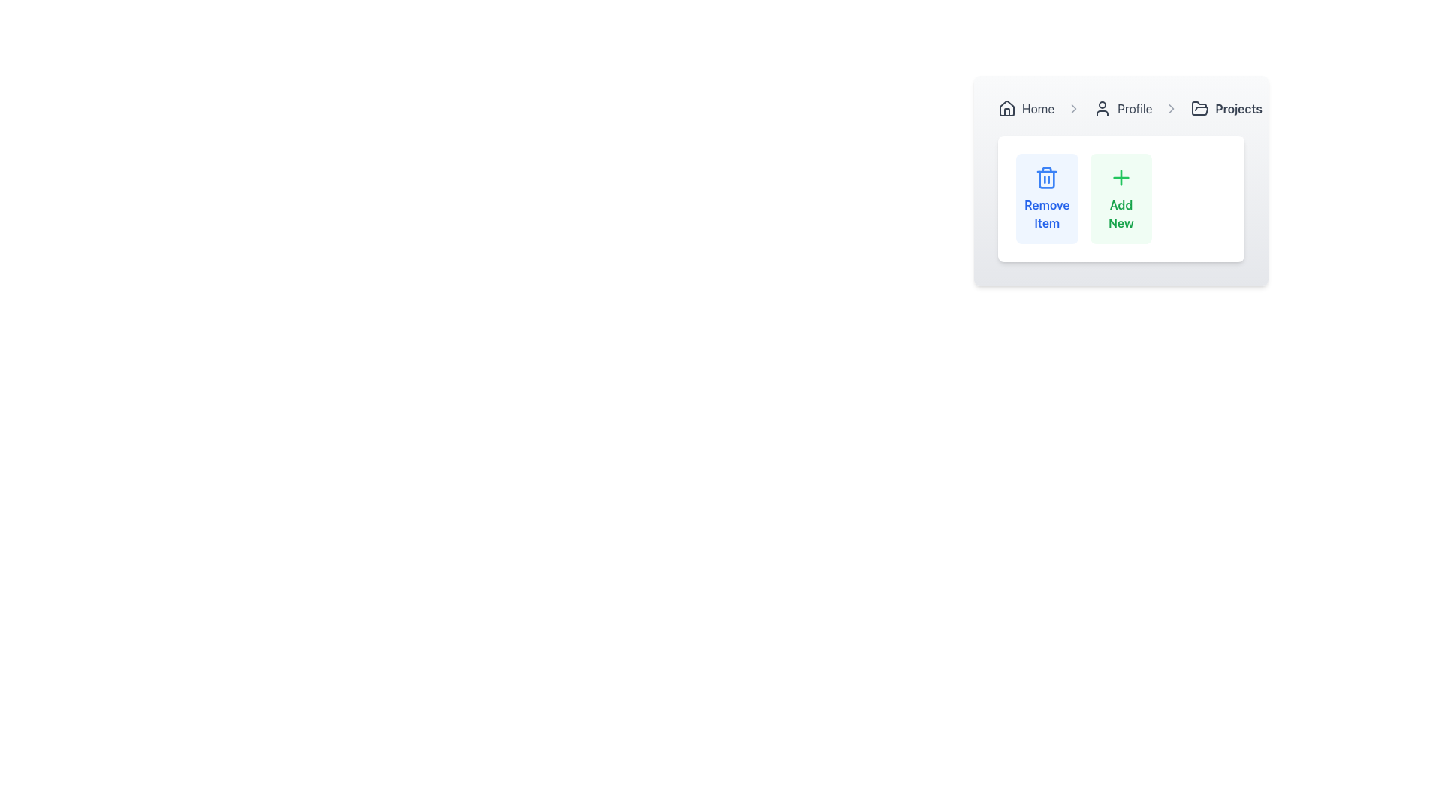 This screenshot has width=1442, height=811. Describe the element at coordinates (1121, 214) in the screenshot. I see `the 'Add New' button, which is a text label in bold green font on a light green rounded rectangular background` at that location.